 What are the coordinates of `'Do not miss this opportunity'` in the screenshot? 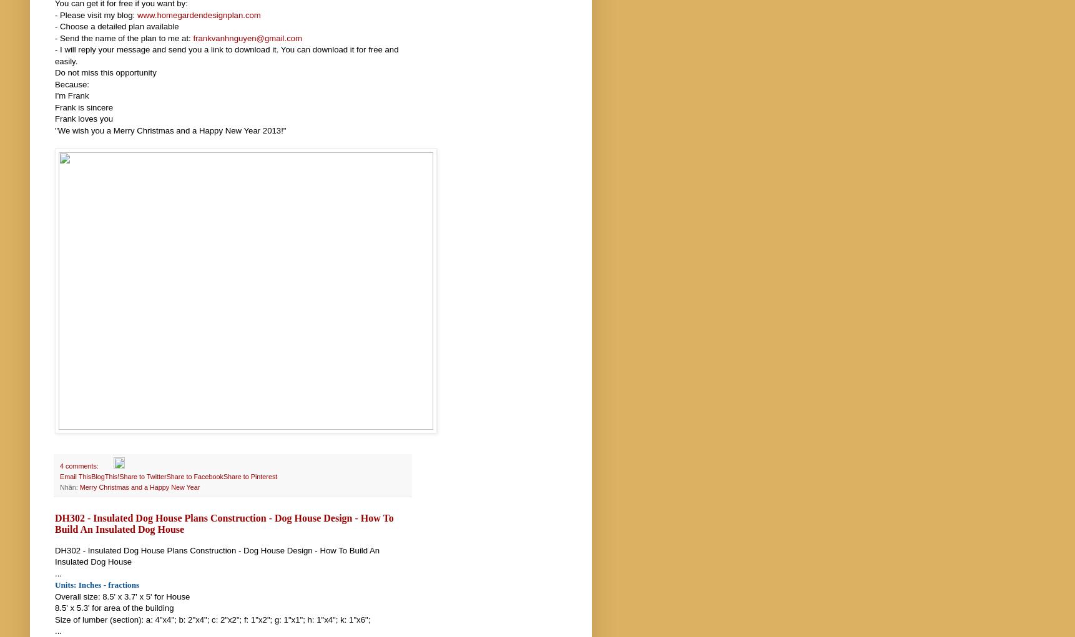 It's located at (105, 72).